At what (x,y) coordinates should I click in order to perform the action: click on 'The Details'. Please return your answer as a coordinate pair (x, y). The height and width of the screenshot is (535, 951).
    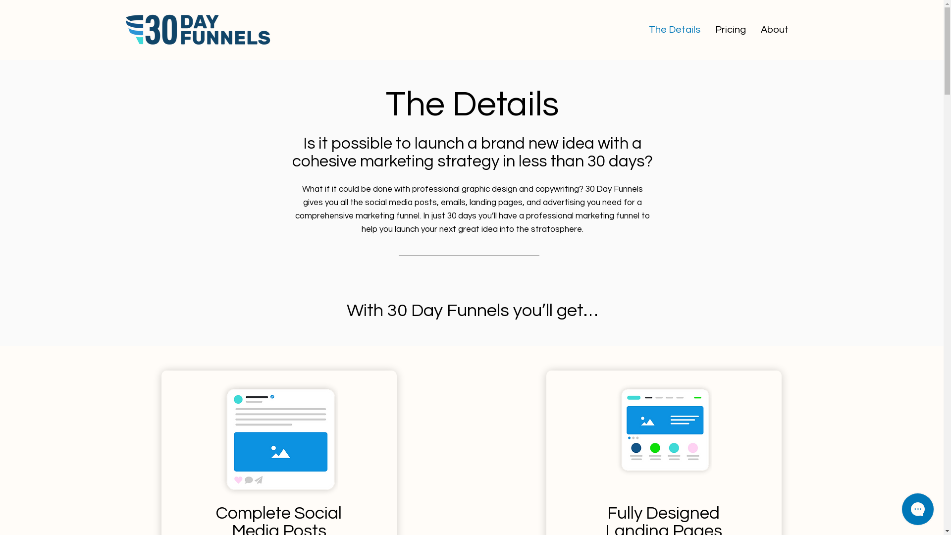
    Looking at the image, I should click on (674, 29).